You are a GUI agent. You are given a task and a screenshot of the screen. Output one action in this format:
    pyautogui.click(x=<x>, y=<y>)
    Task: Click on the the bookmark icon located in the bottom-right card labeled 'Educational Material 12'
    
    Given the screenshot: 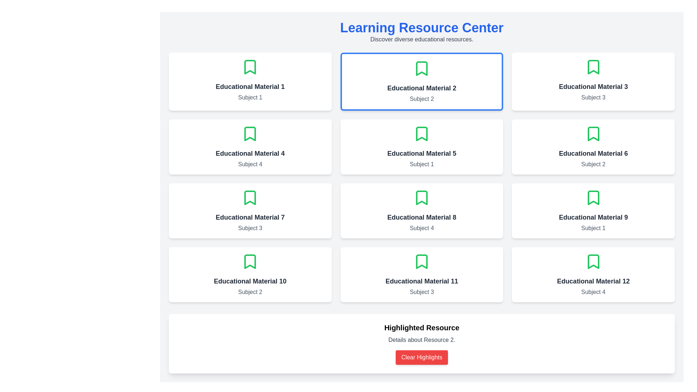 What is the action you would take?
    pyautogui.click(x=593, y=262)
    